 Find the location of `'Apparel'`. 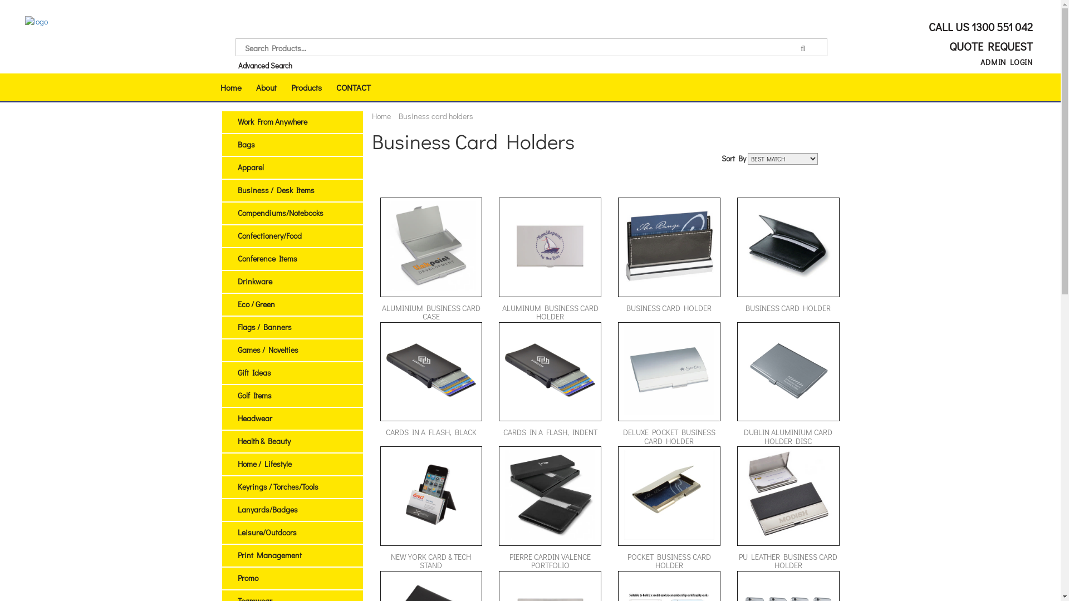

'Apparel' is located at coordinates (249, 167).